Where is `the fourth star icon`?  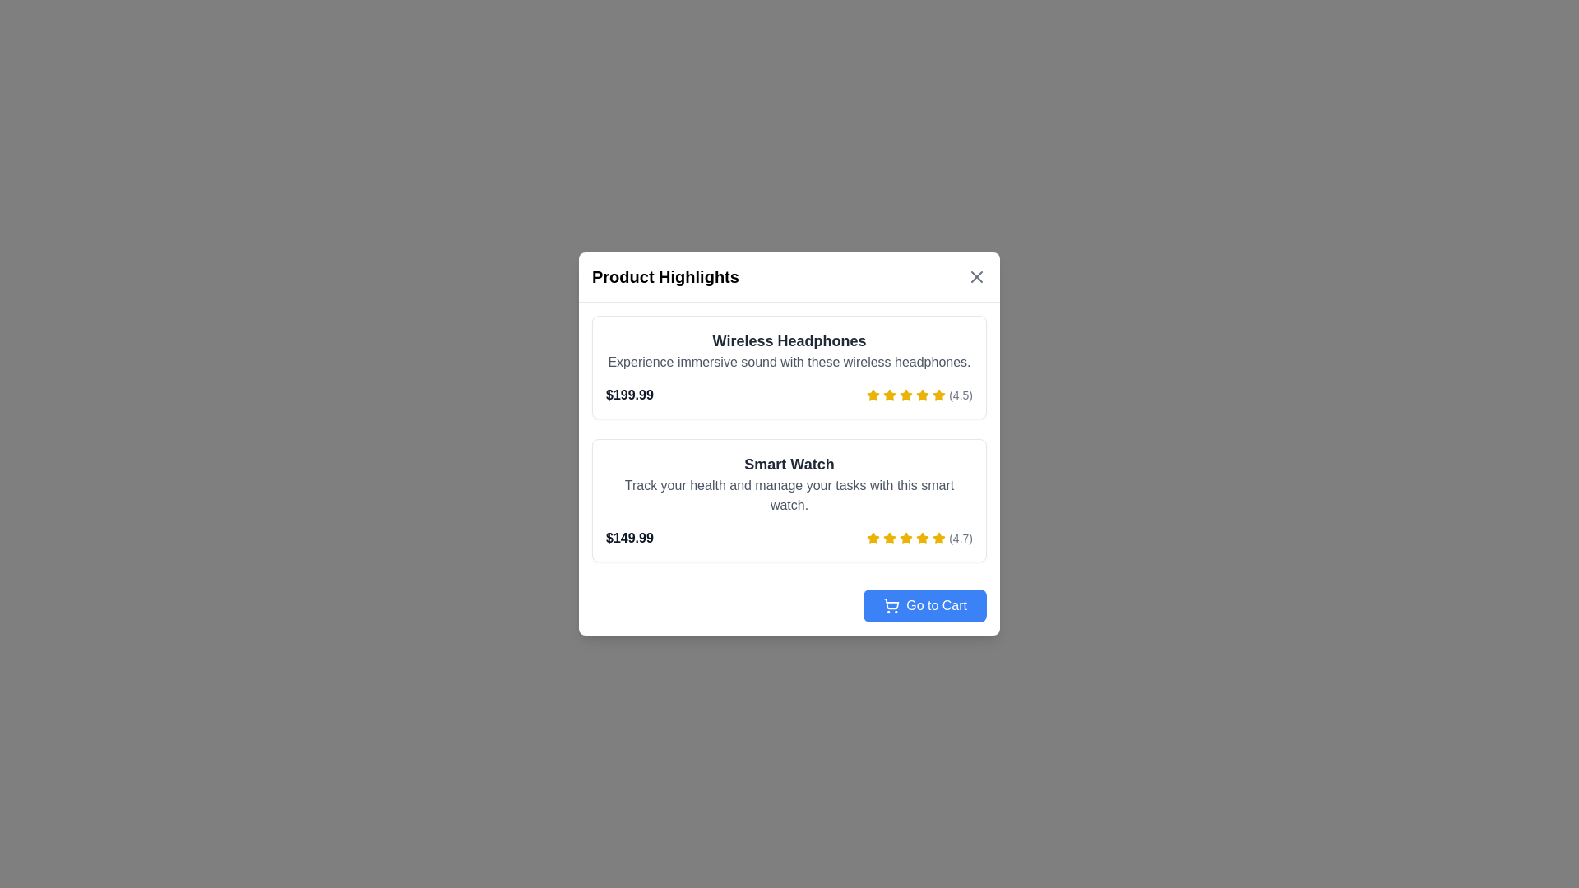 the fourth star icon is located at coordinates (905, 395).